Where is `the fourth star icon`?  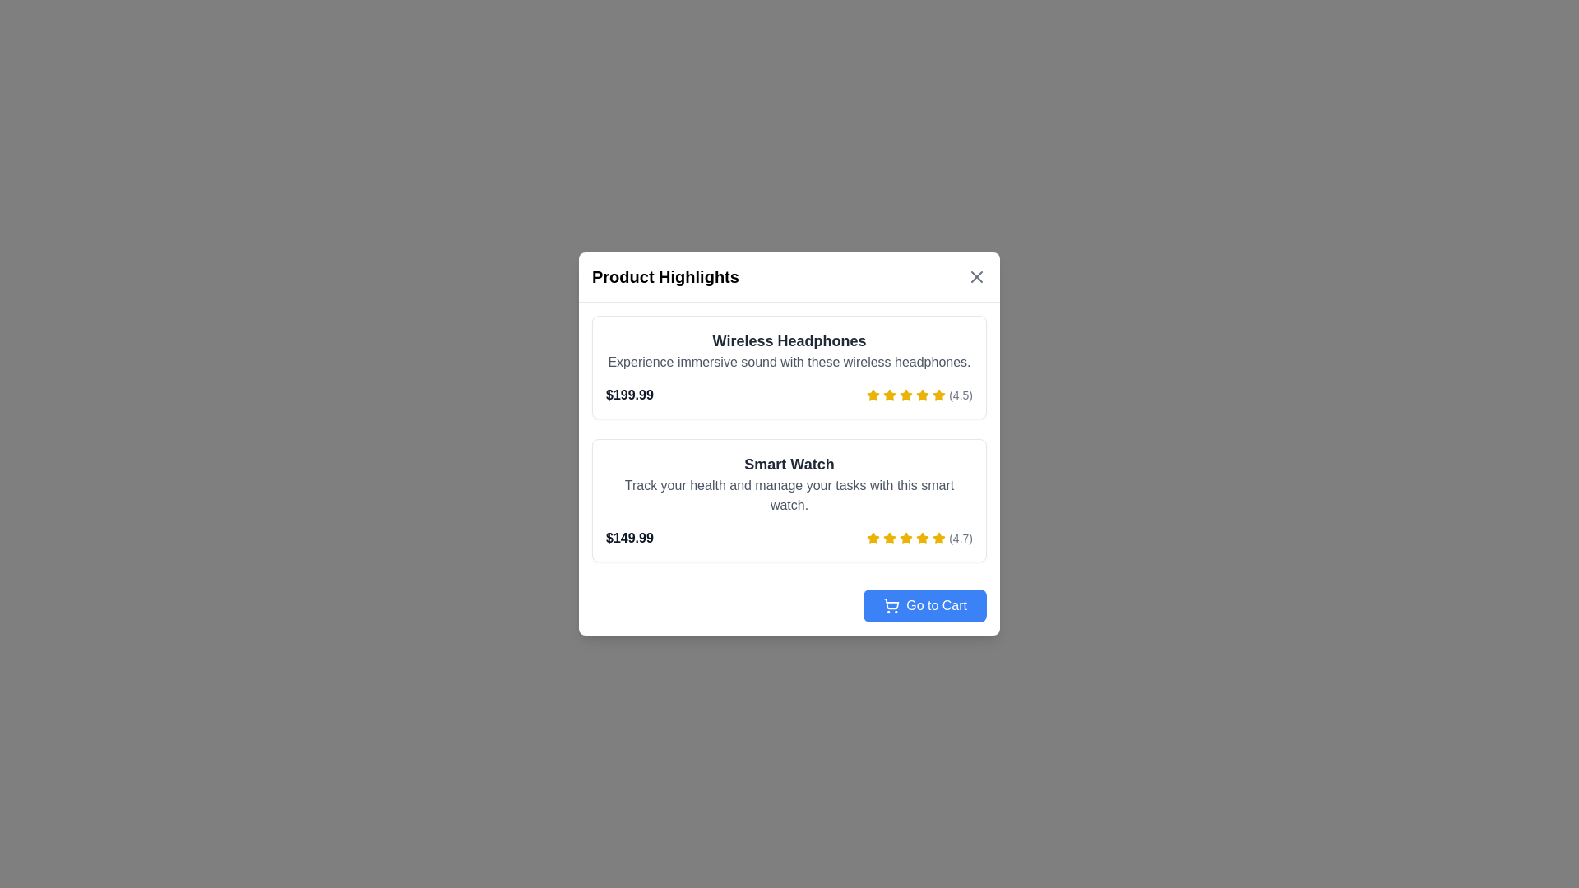 the fourth star icon is located at coordinates (905, 395).